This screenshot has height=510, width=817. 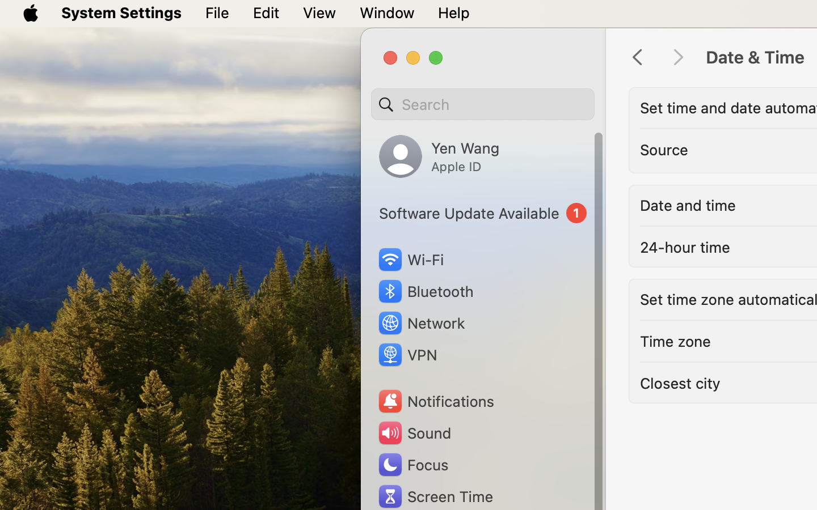 What do you see at coordinates (410, 259) in the screenshot?
I see `'Wi‑Fi'` at bounding box center [410, 259].